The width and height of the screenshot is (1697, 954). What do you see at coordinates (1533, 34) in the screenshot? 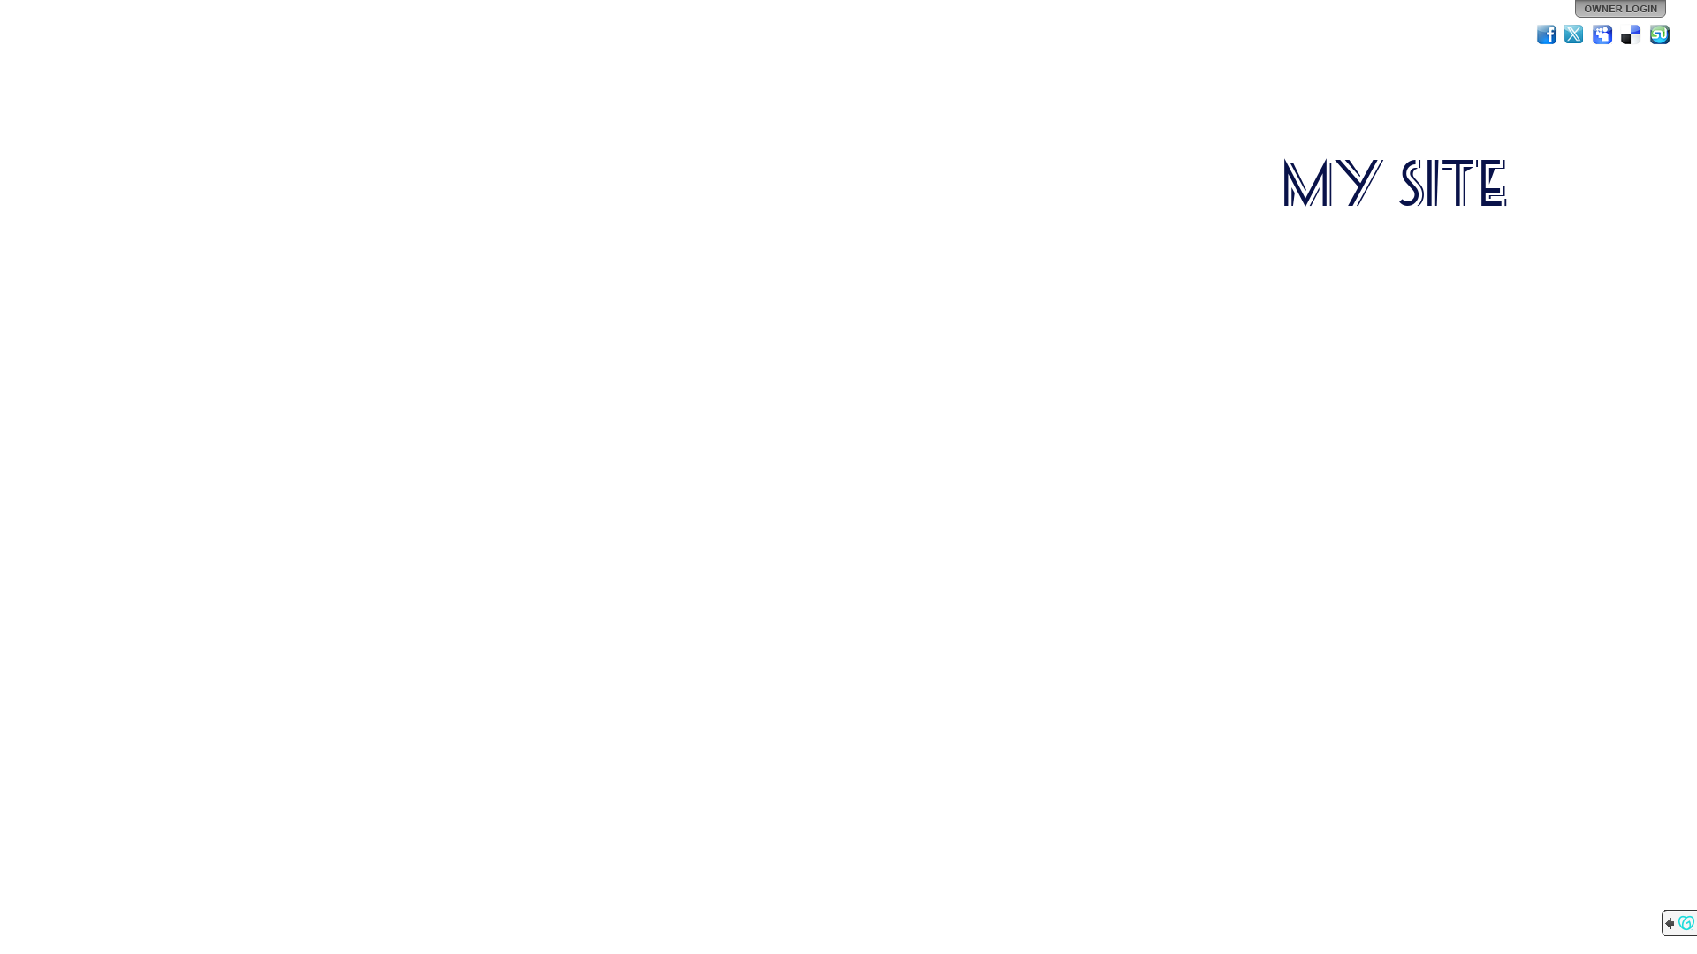
I see `'Facebook'` at bounding box center [1533, 34].